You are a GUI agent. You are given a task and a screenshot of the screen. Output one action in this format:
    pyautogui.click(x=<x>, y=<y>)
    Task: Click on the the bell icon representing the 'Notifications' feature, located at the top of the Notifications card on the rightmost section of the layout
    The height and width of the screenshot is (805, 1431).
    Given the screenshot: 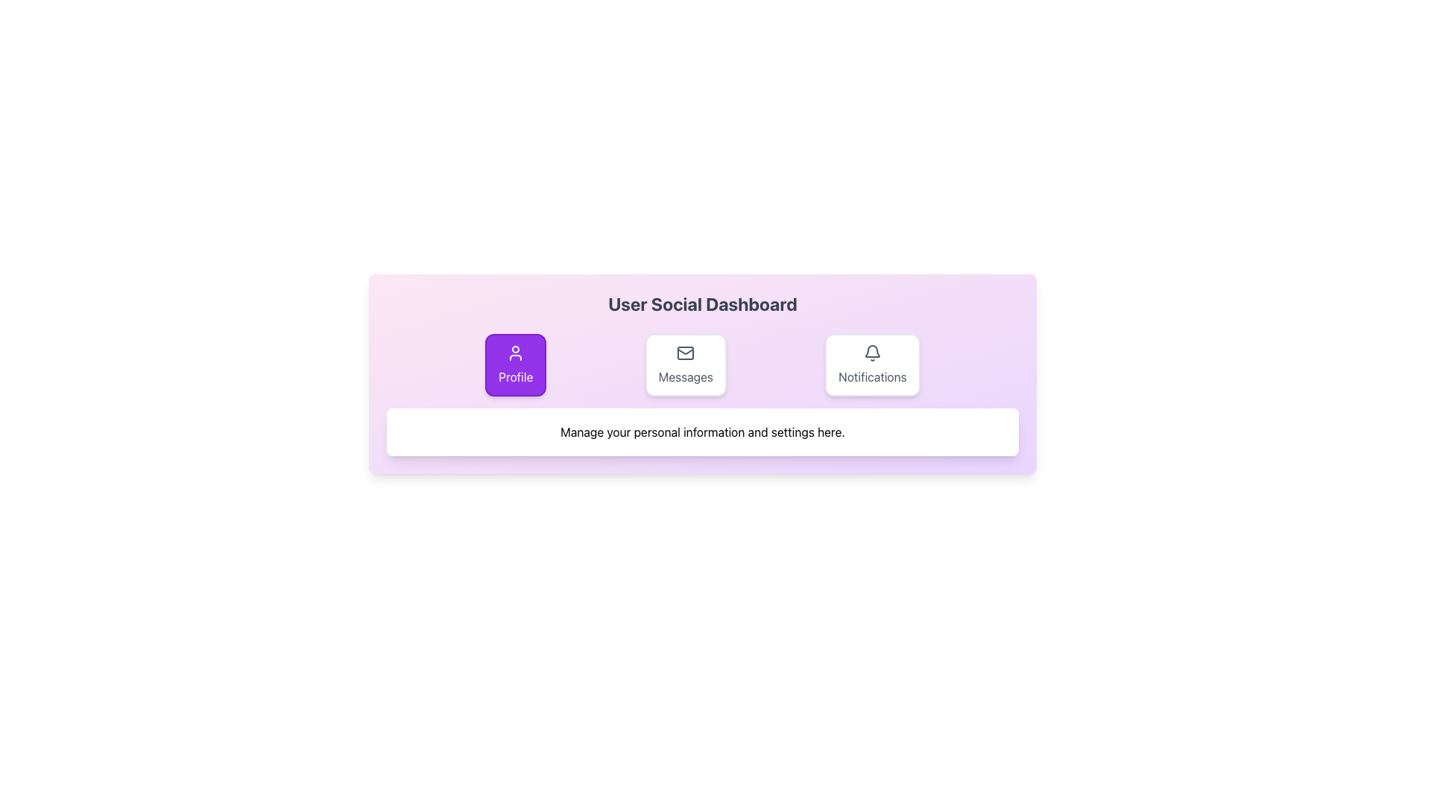 What is the action you would take?
    pyautogui.click(x=873, y=353)
    